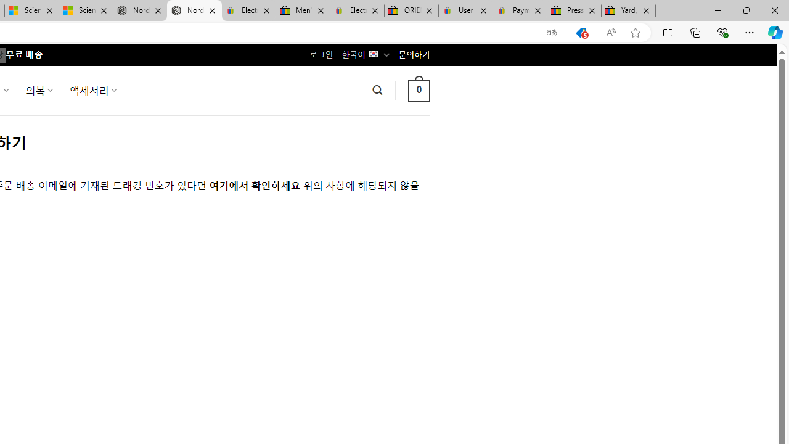 Image resolution: width=789 pixels, height=444 pixels. I want to click on 'This site has coupons! Shopping in Microsoft Edge, 5', so click(581, 32).